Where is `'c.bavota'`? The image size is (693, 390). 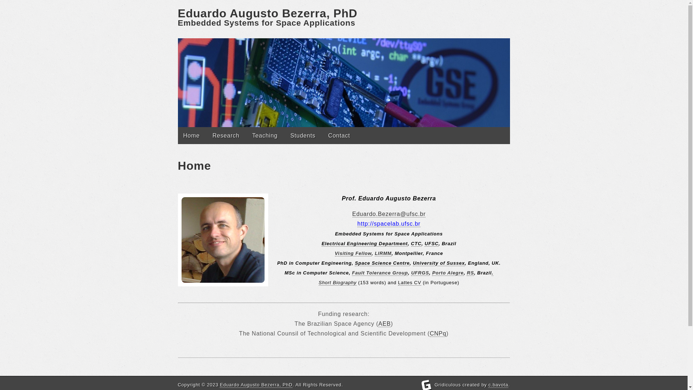 'c.bavota' is located at coordinates (498, 384).